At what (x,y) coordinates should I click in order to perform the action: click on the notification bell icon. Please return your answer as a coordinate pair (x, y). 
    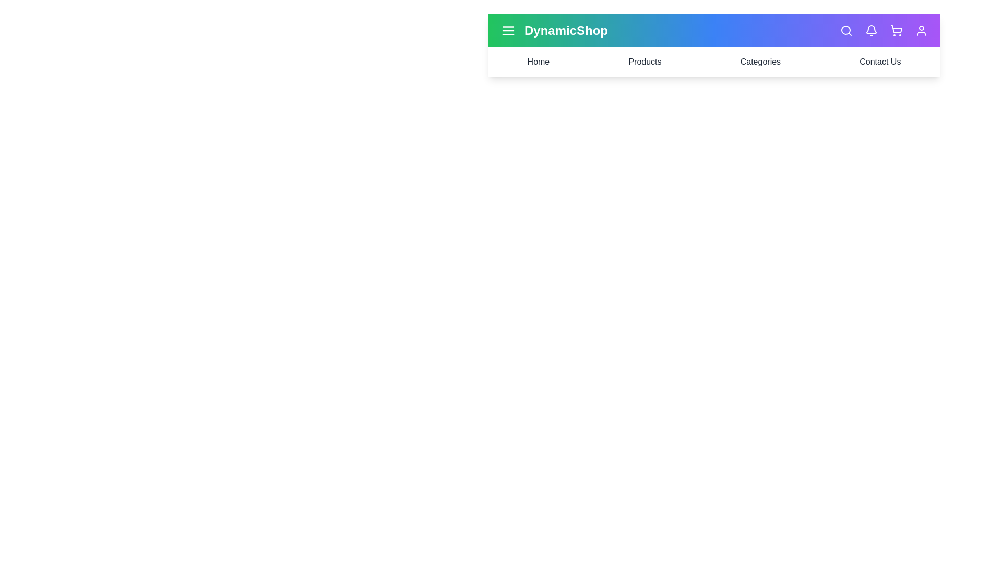
    Looking at the image, I should click on (872, 30).